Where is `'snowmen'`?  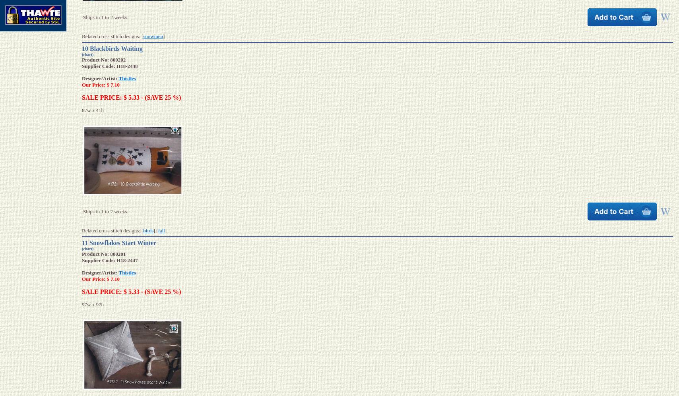 'snowmen' is located at coordinates (153, 35).